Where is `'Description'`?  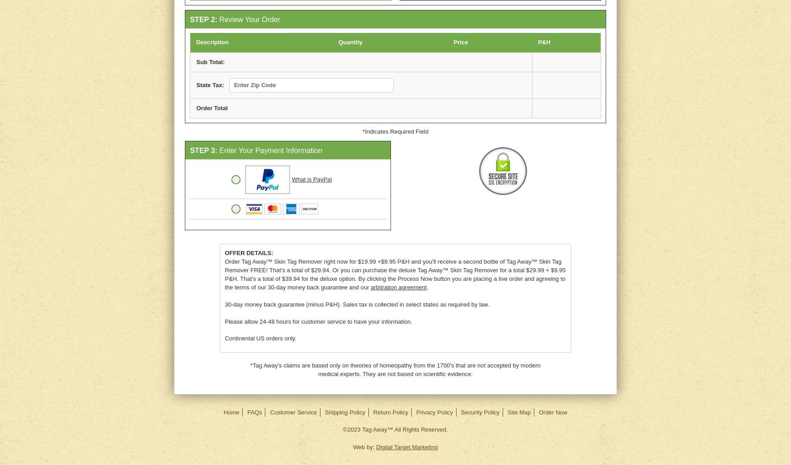
'Description' is located at coordinates (212, 42).